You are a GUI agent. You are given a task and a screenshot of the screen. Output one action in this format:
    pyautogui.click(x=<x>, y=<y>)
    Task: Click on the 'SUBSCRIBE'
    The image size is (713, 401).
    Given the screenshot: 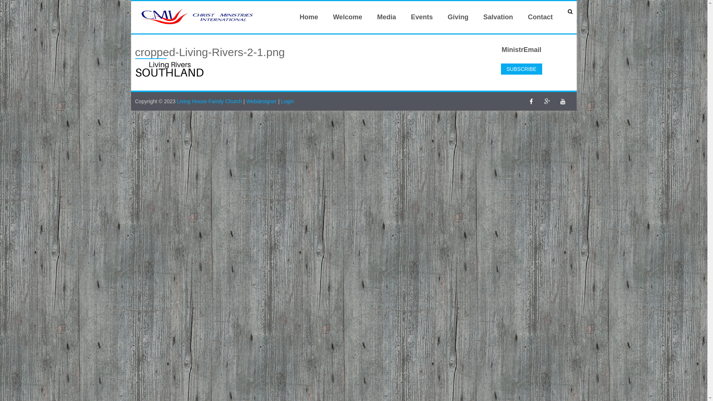 What is the action you would take?
    pyautogui.click(x=521, y=69)
    